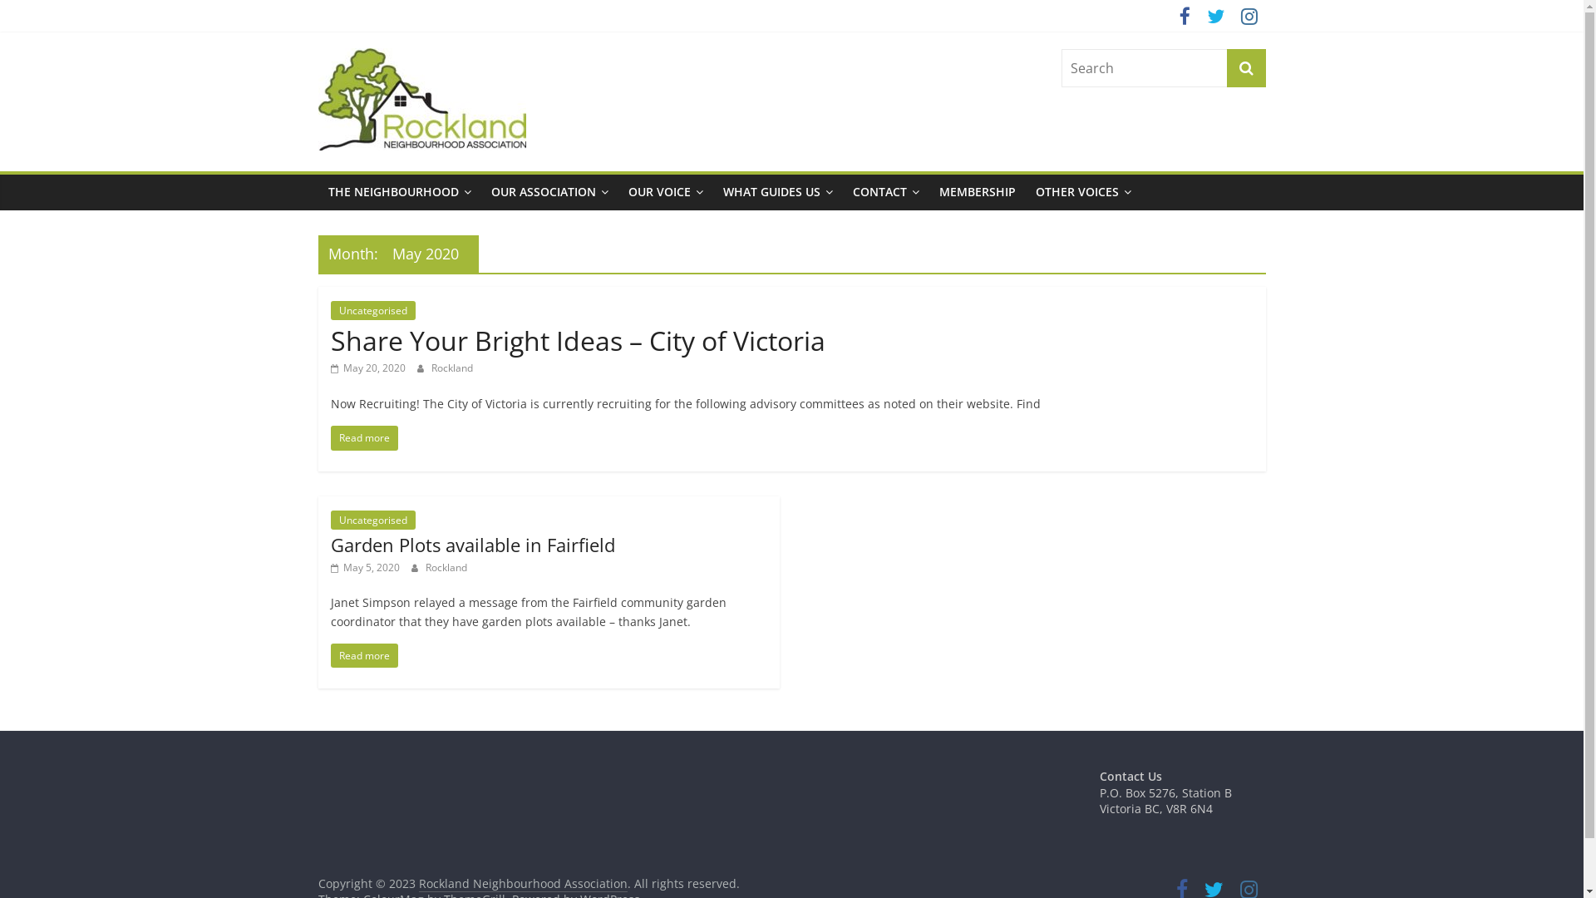 The image size is (1596, 898). Describe the element at coordinates (666, 191) in the screenshot. I see `'OUR VOICE'` at that location.